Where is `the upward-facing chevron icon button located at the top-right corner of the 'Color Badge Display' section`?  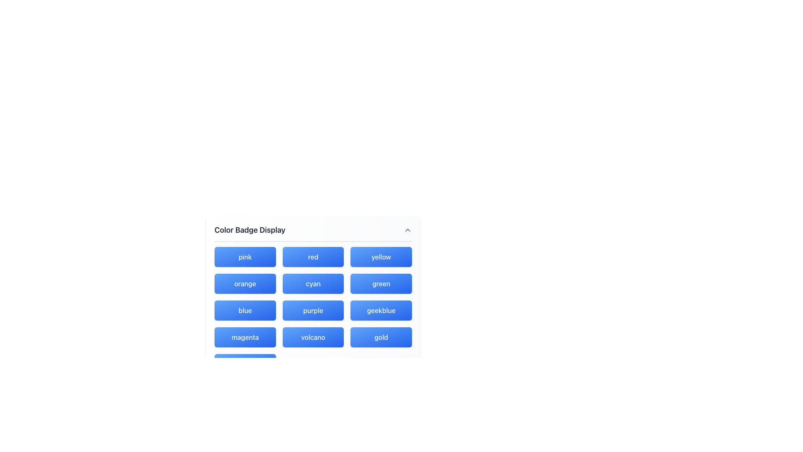
the upward-facing chevron icon button located at the top-right corner of the 'Color Badge Display' section is located at coordinates (407, 230).